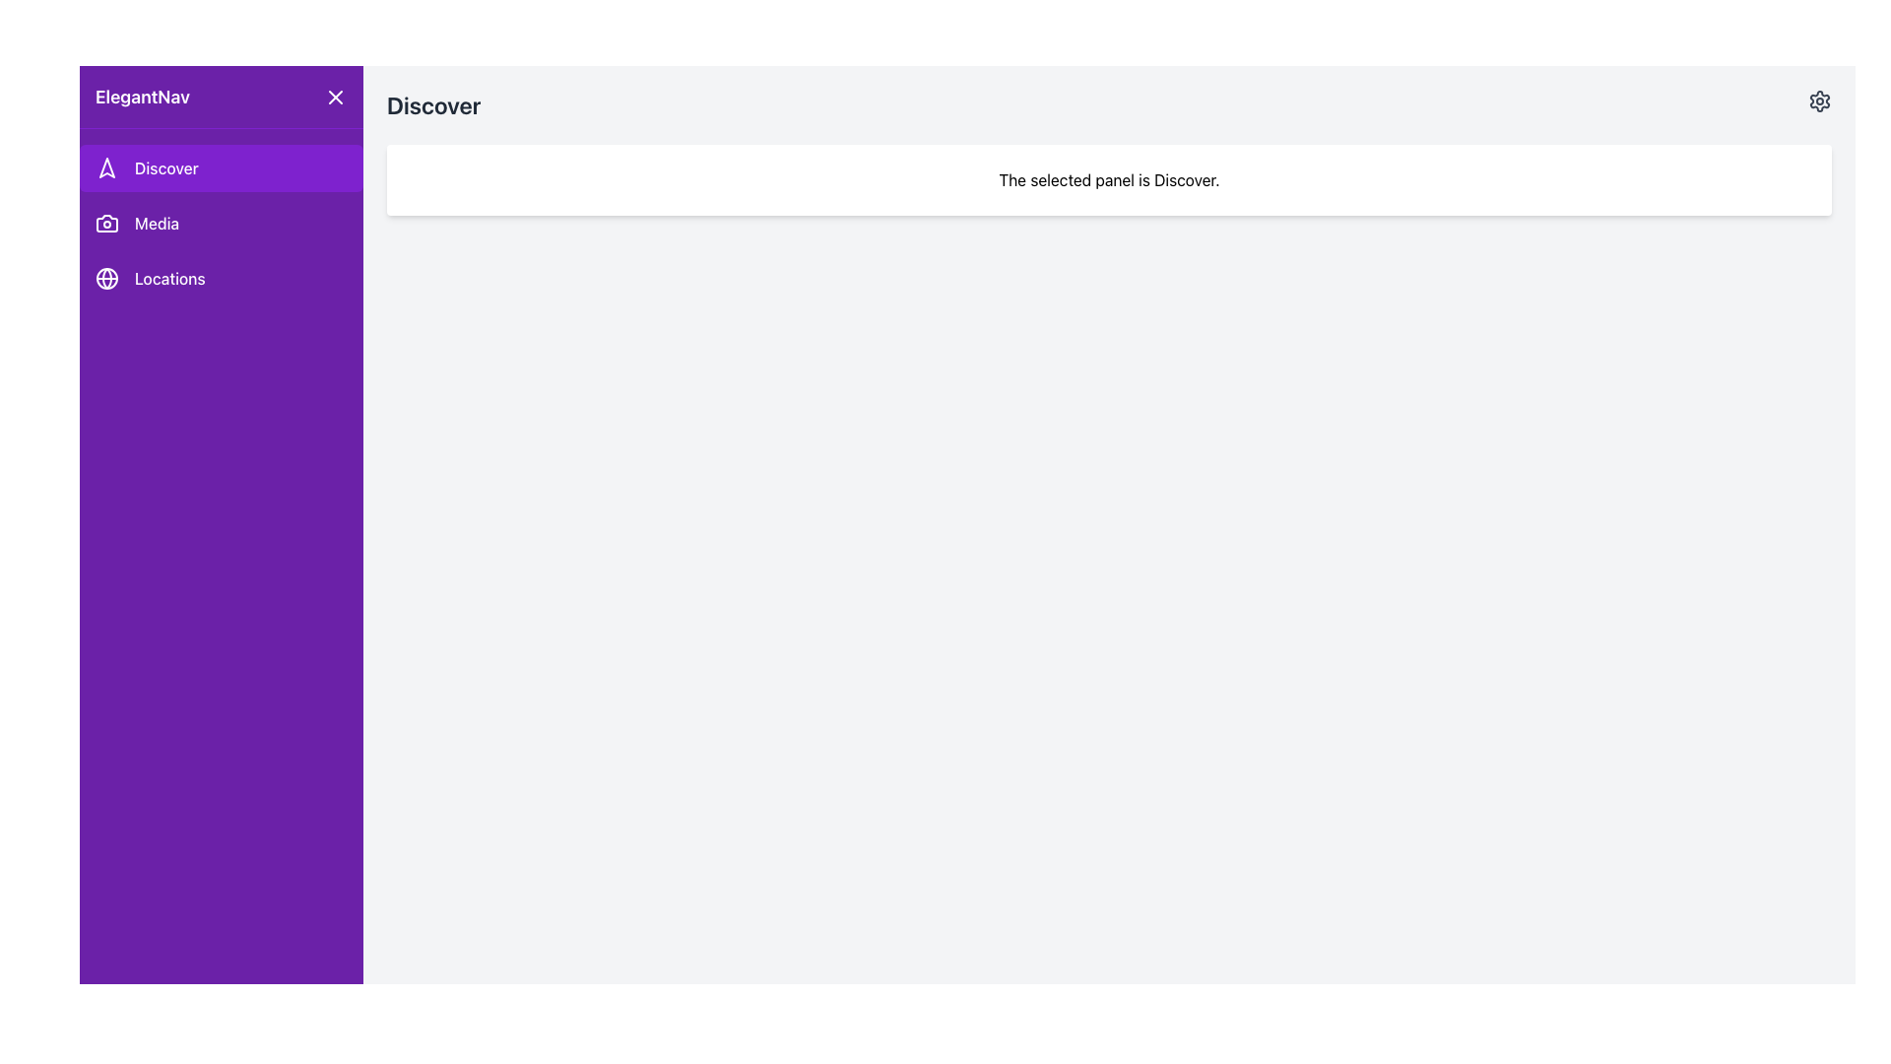 The width and height of the screenshot is (1891, 1064). I want to click on the text label displaying 'Media' in white text on a purple background, which is the second item in the left sidebar navigation menu, so click(156, 223).